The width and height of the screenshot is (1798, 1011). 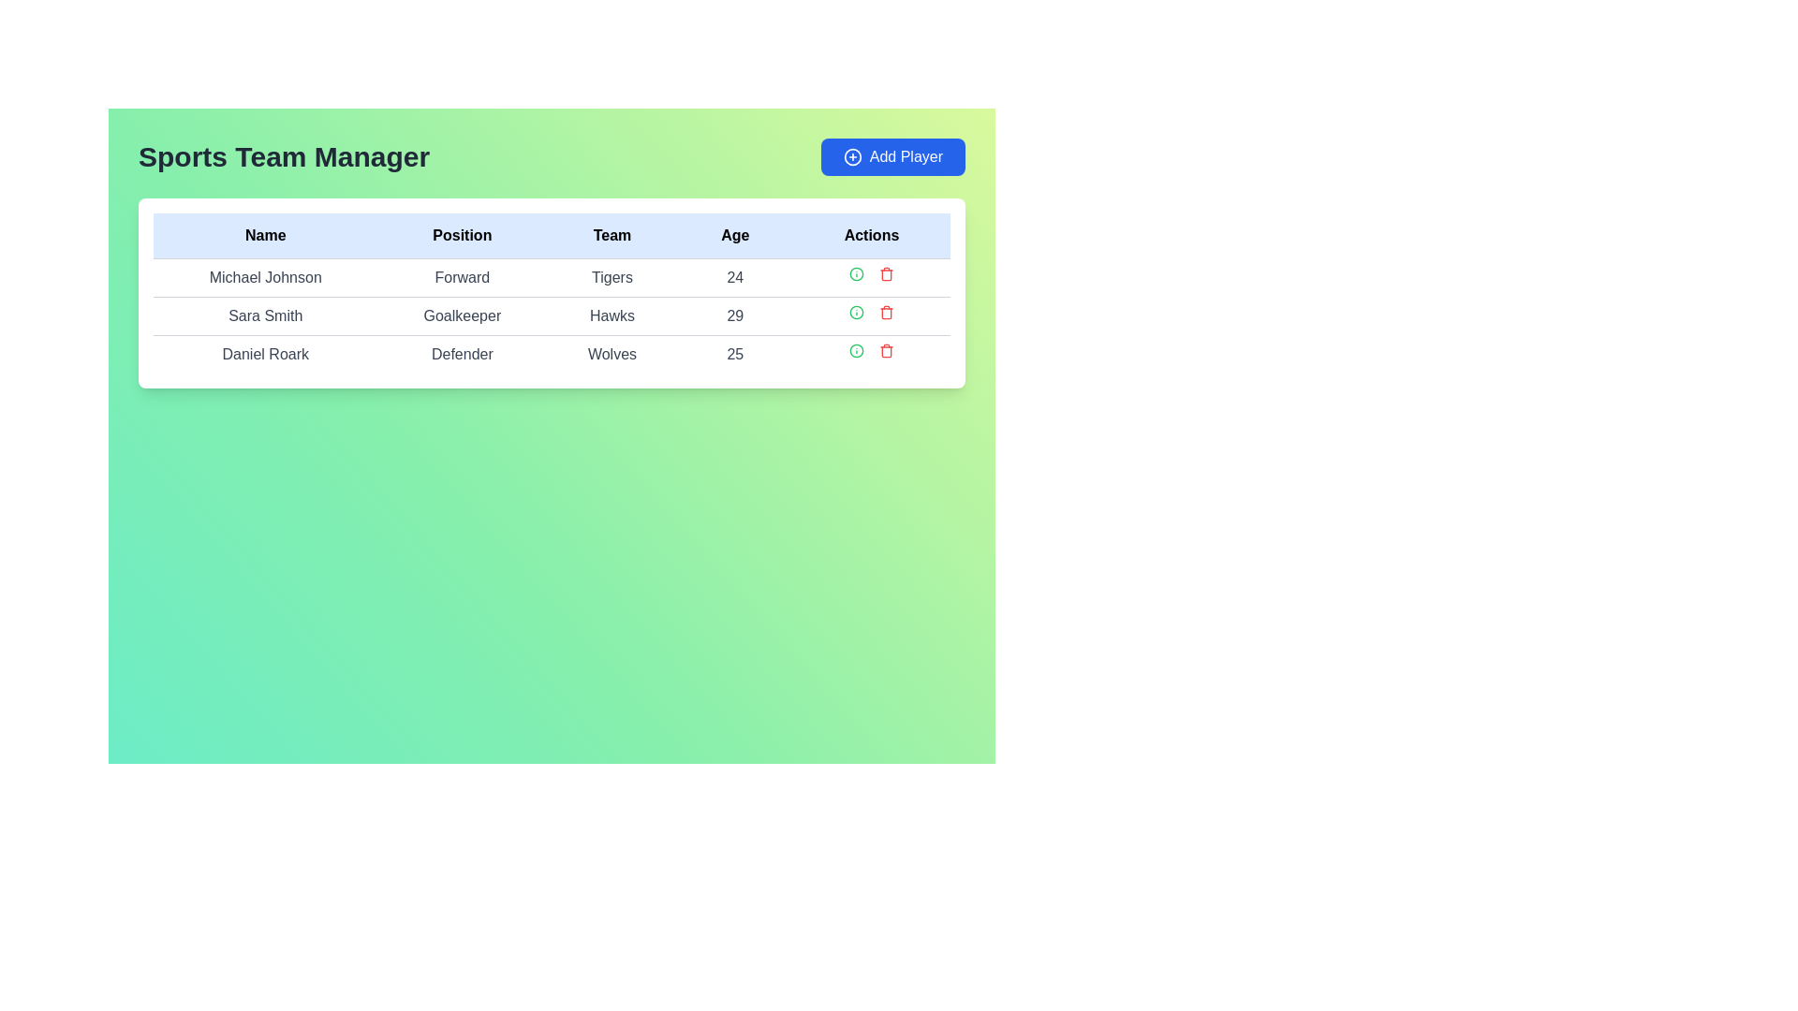 What do you see at coordinates (264, 278) in the screenshot?
I see `the text label displaying the player's name in the first row and first column of the team management table` at bounding box center [264, 278].